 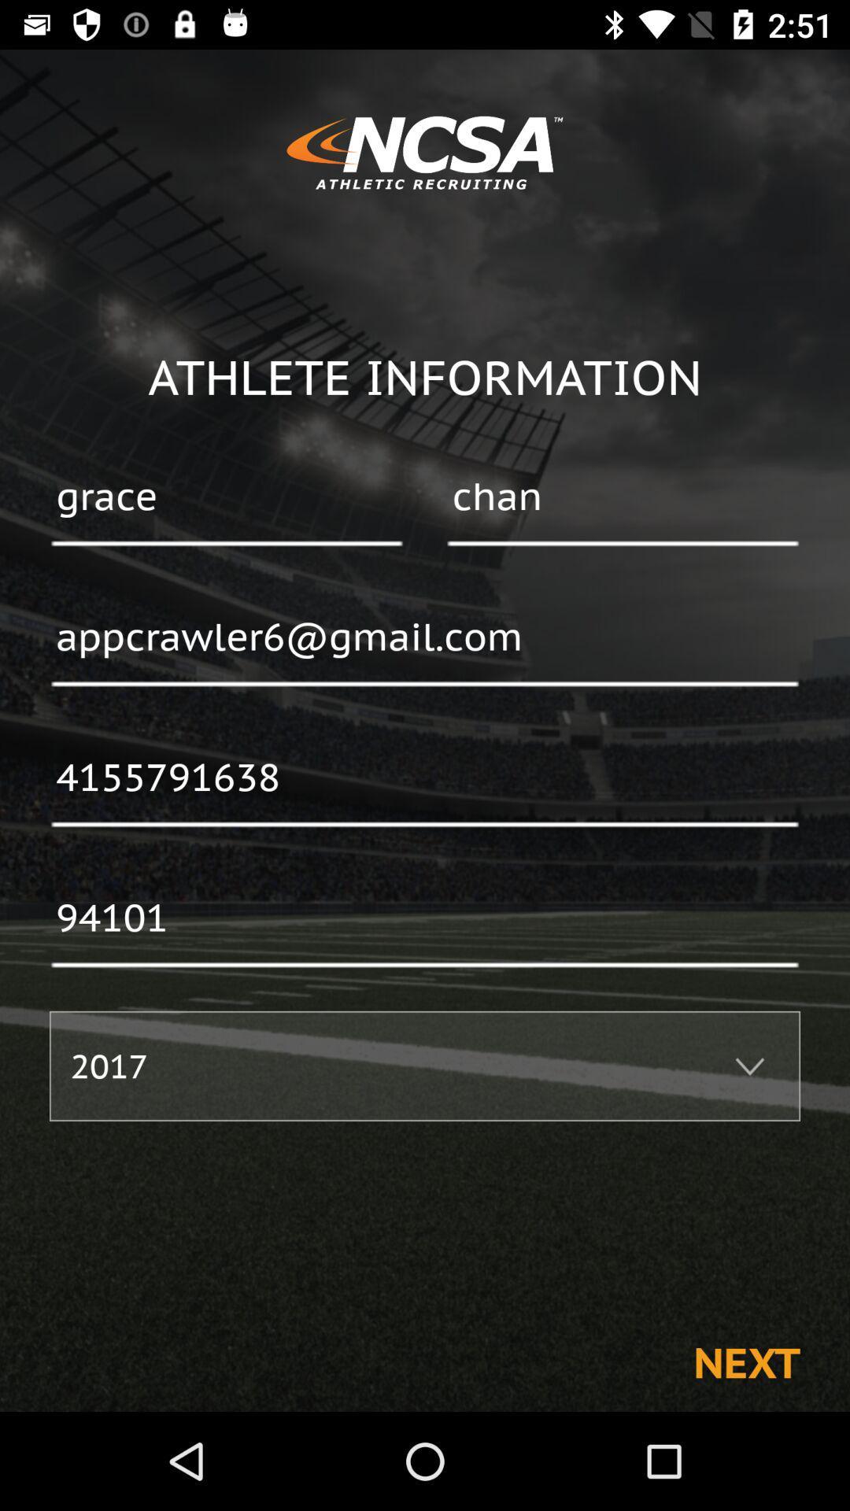 What do you see at coordinates (227, 497) in the screenshot?
I see `item to the left of the chan` at bounding box center [227, 497].